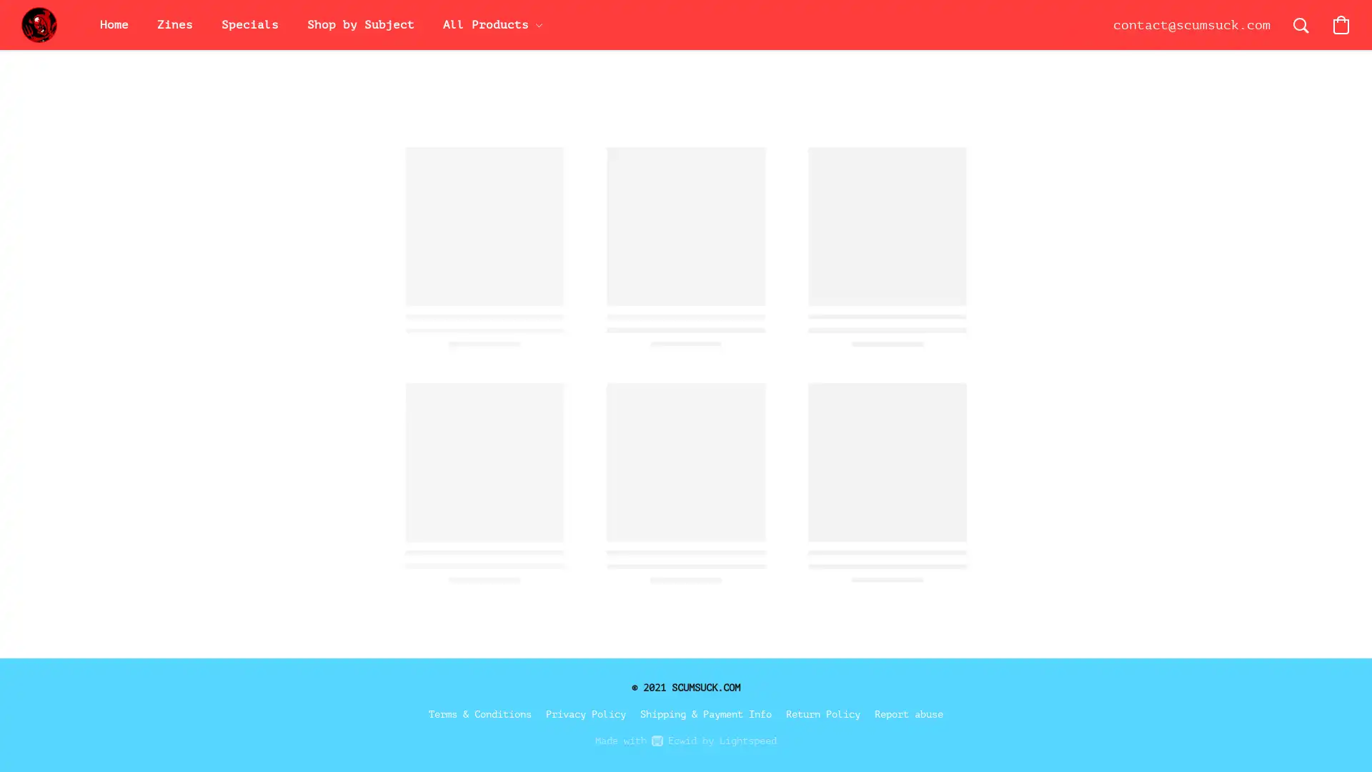 Image resolution: width=1372 pixels, height=772 pixels. I want to click on Add to Bag, so click(936, 532).